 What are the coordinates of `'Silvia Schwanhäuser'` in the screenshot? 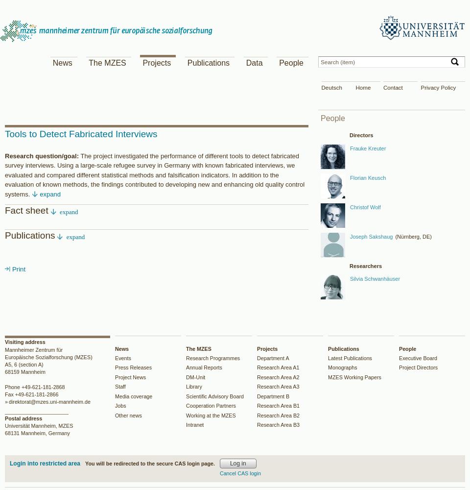 It's located at (374, 278).